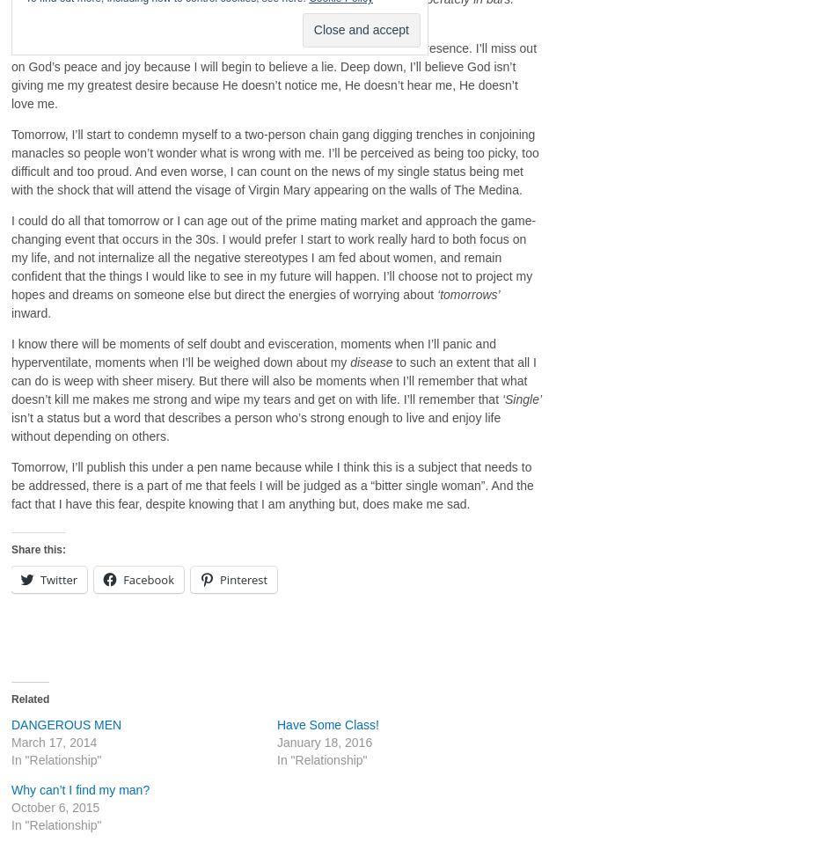 Image resolution: width=827 pixels, height=842 pixels. Describe the element at coordinates (243, 578) in the screenshot. I see `'Pinterest'` at that location.